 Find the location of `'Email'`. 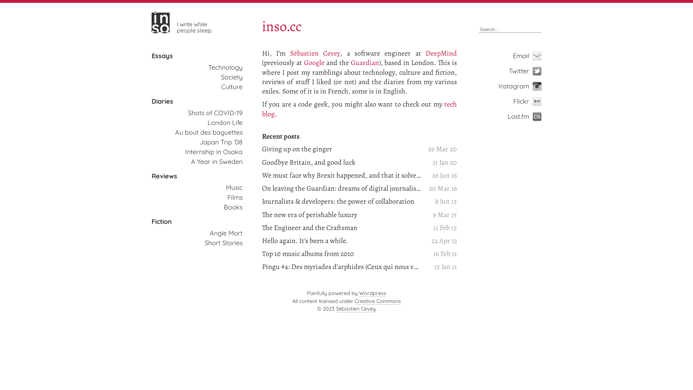

'Email' is located at coordinates (531, 55).